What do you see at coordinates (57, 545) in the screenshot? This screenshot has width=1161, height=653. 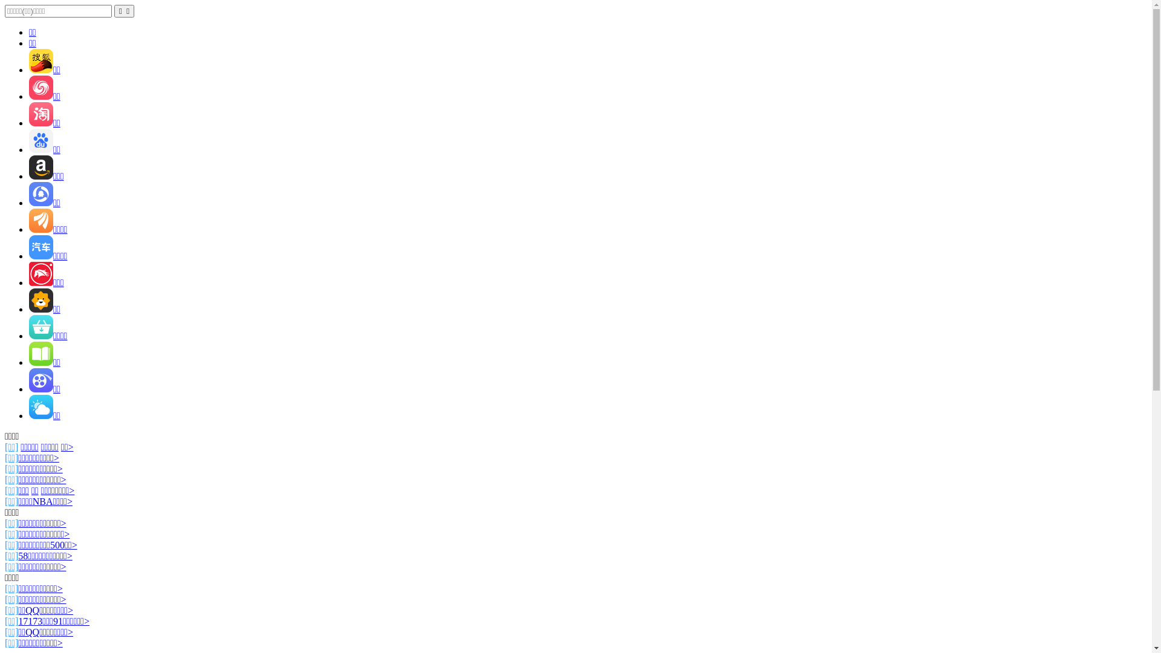 I see `'500'` at bounding box center [57, 545].